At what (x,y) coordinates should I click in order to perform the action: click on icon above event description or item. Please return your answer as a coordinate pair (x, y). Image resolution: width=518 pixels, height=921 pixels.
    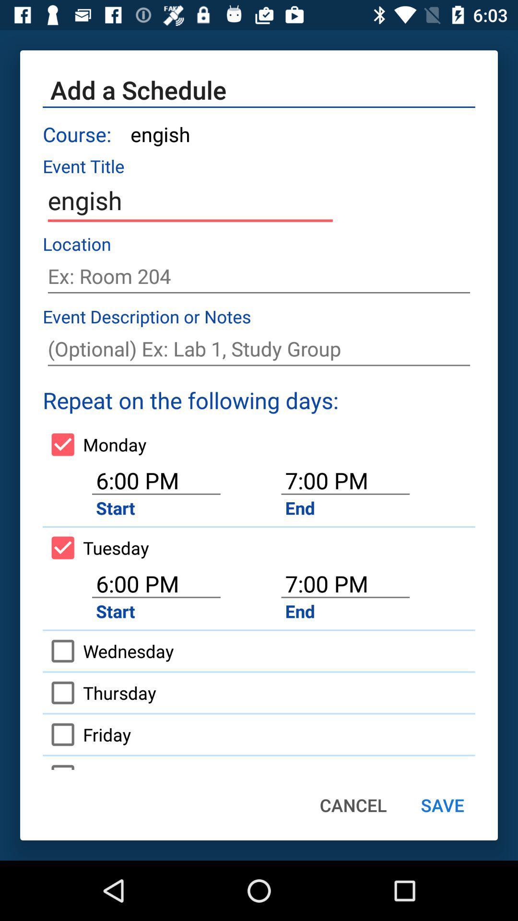
    Looking at the image, I should click on (259, 276).